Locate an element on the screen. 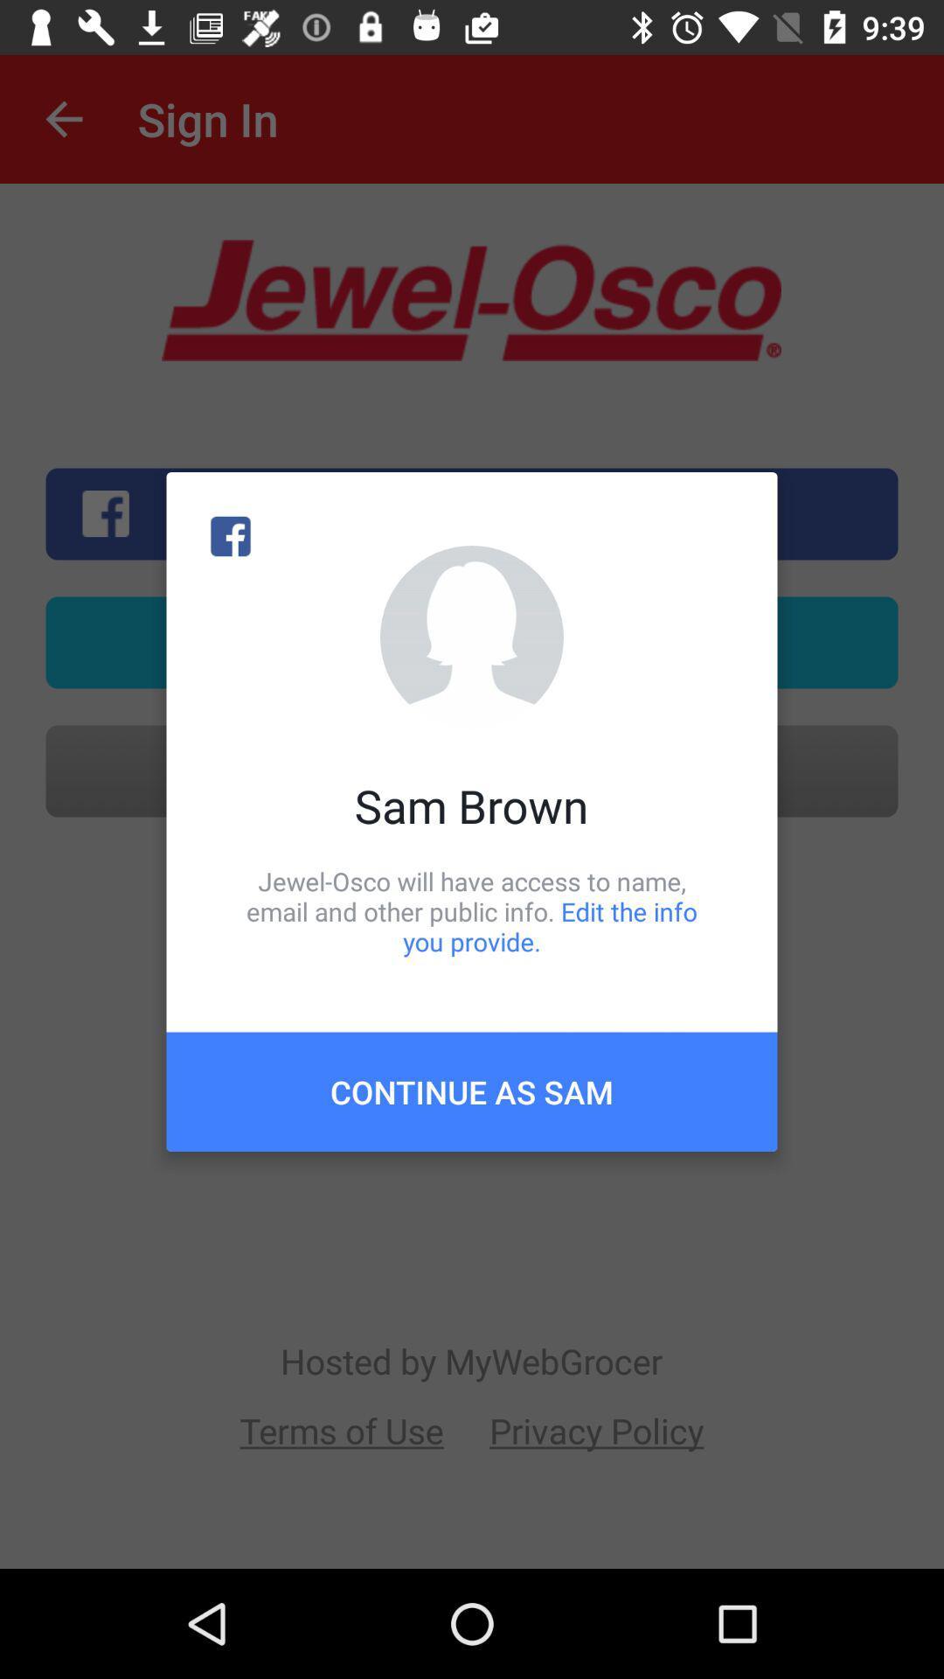 The image size is (944, 1679). the continue as sam icon is located at coordinates (472, 1090).